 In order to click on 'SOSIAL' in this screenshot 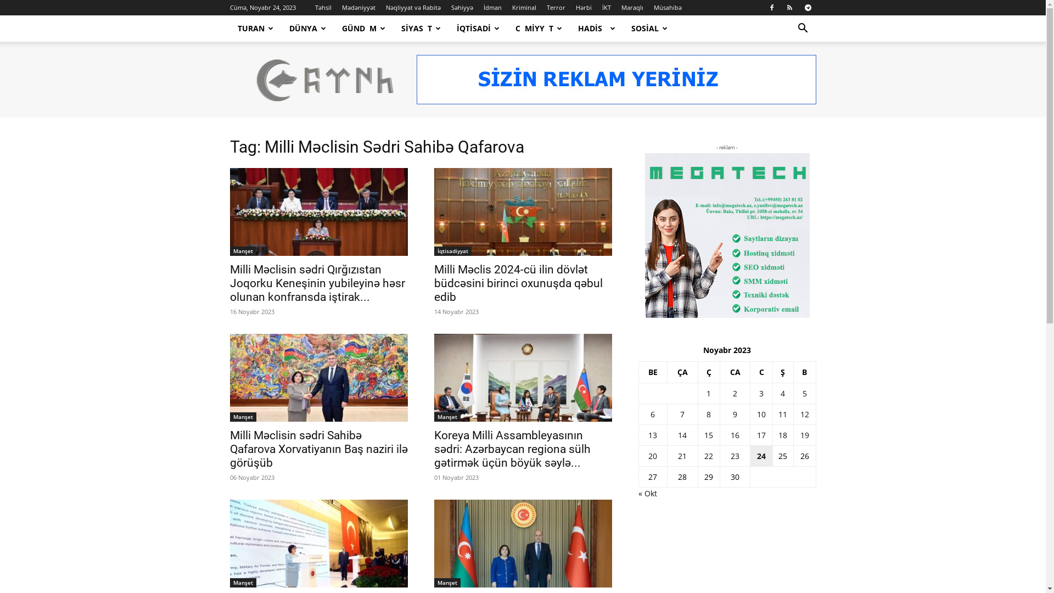, I will do `click(624, 27)`.